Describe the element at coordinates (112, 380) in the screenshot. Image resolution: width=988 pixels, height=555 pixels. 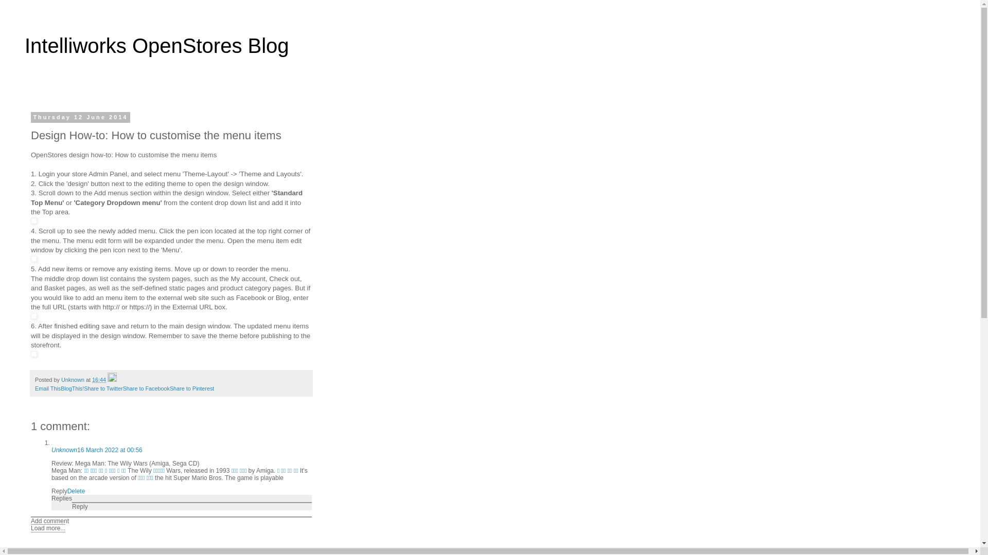
I see `'Edit Post'` at that location.